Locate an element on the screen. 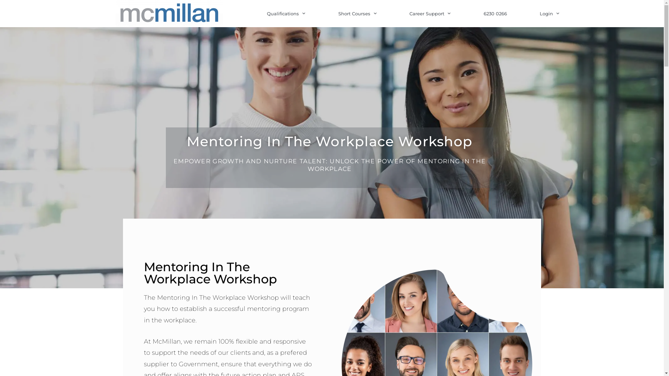  'Career Support' is located at coordinates (429, 13).